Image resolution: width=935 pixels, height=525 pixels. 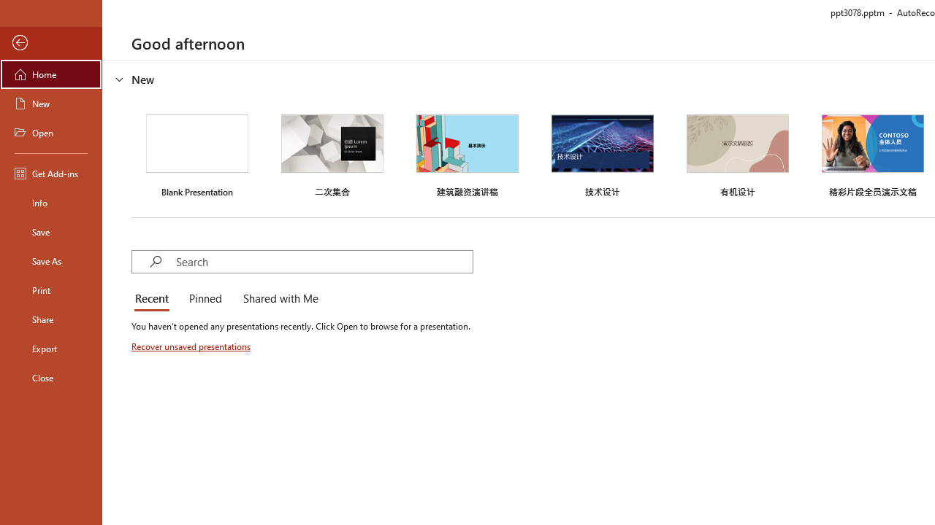 What do you see at coordinates (50, 42) in the screenshot?
I see `'Back'` at bounding box center [50, 42].